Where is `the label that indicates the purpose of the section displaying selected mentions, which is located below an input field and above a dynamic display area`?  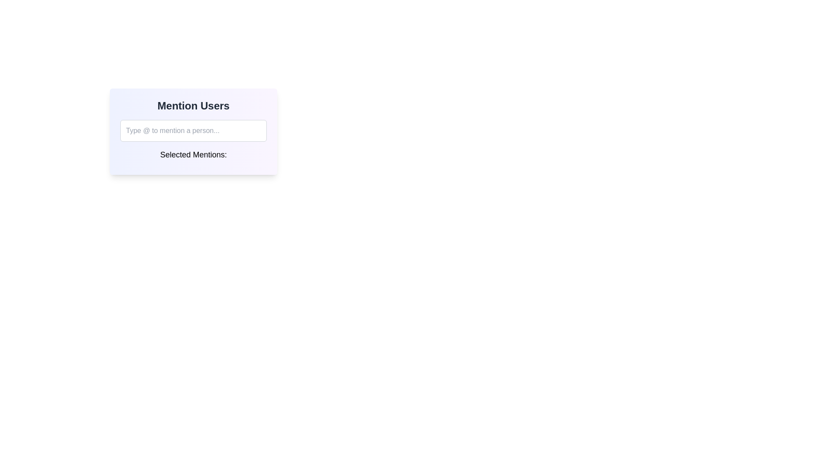
the label that indicates the purpose of the section displaying selected mentions, which is located below an input field and above a dynamic display area is located at coordinates (193, 156).